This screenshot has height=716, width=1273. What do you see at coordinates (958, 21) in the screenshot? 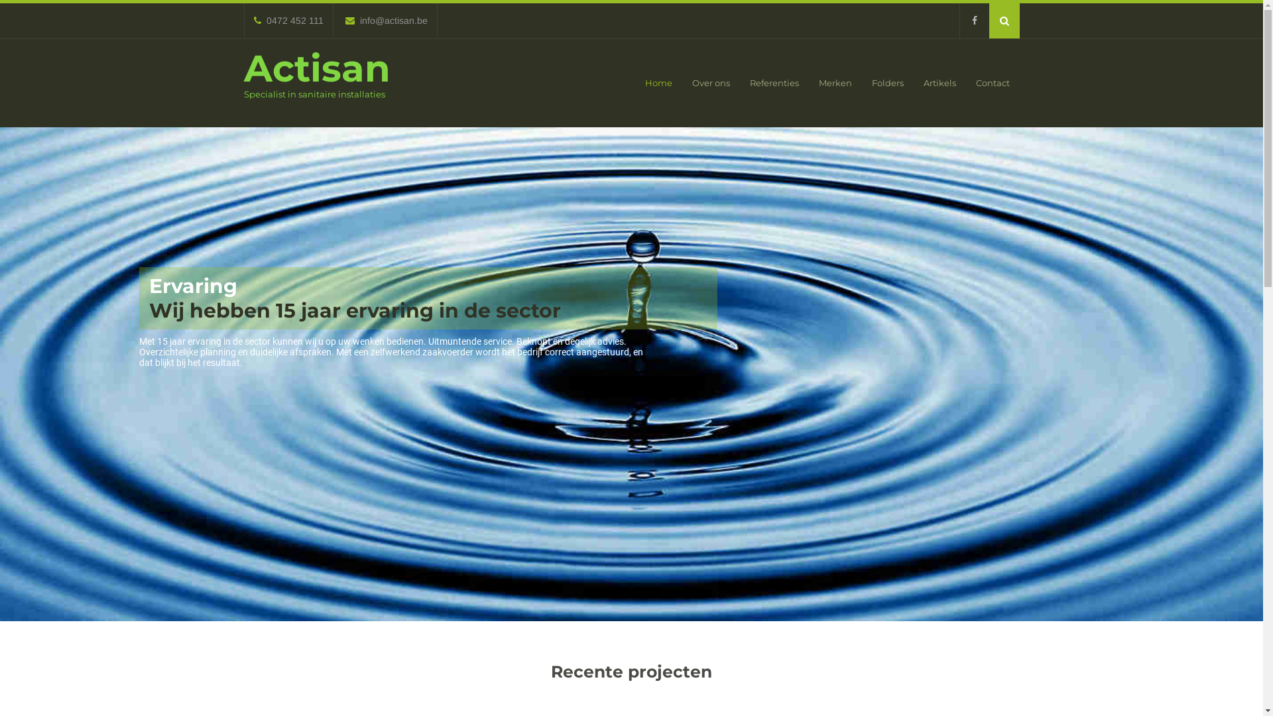
I see `'facebook'` at bounding box center [958, 21].